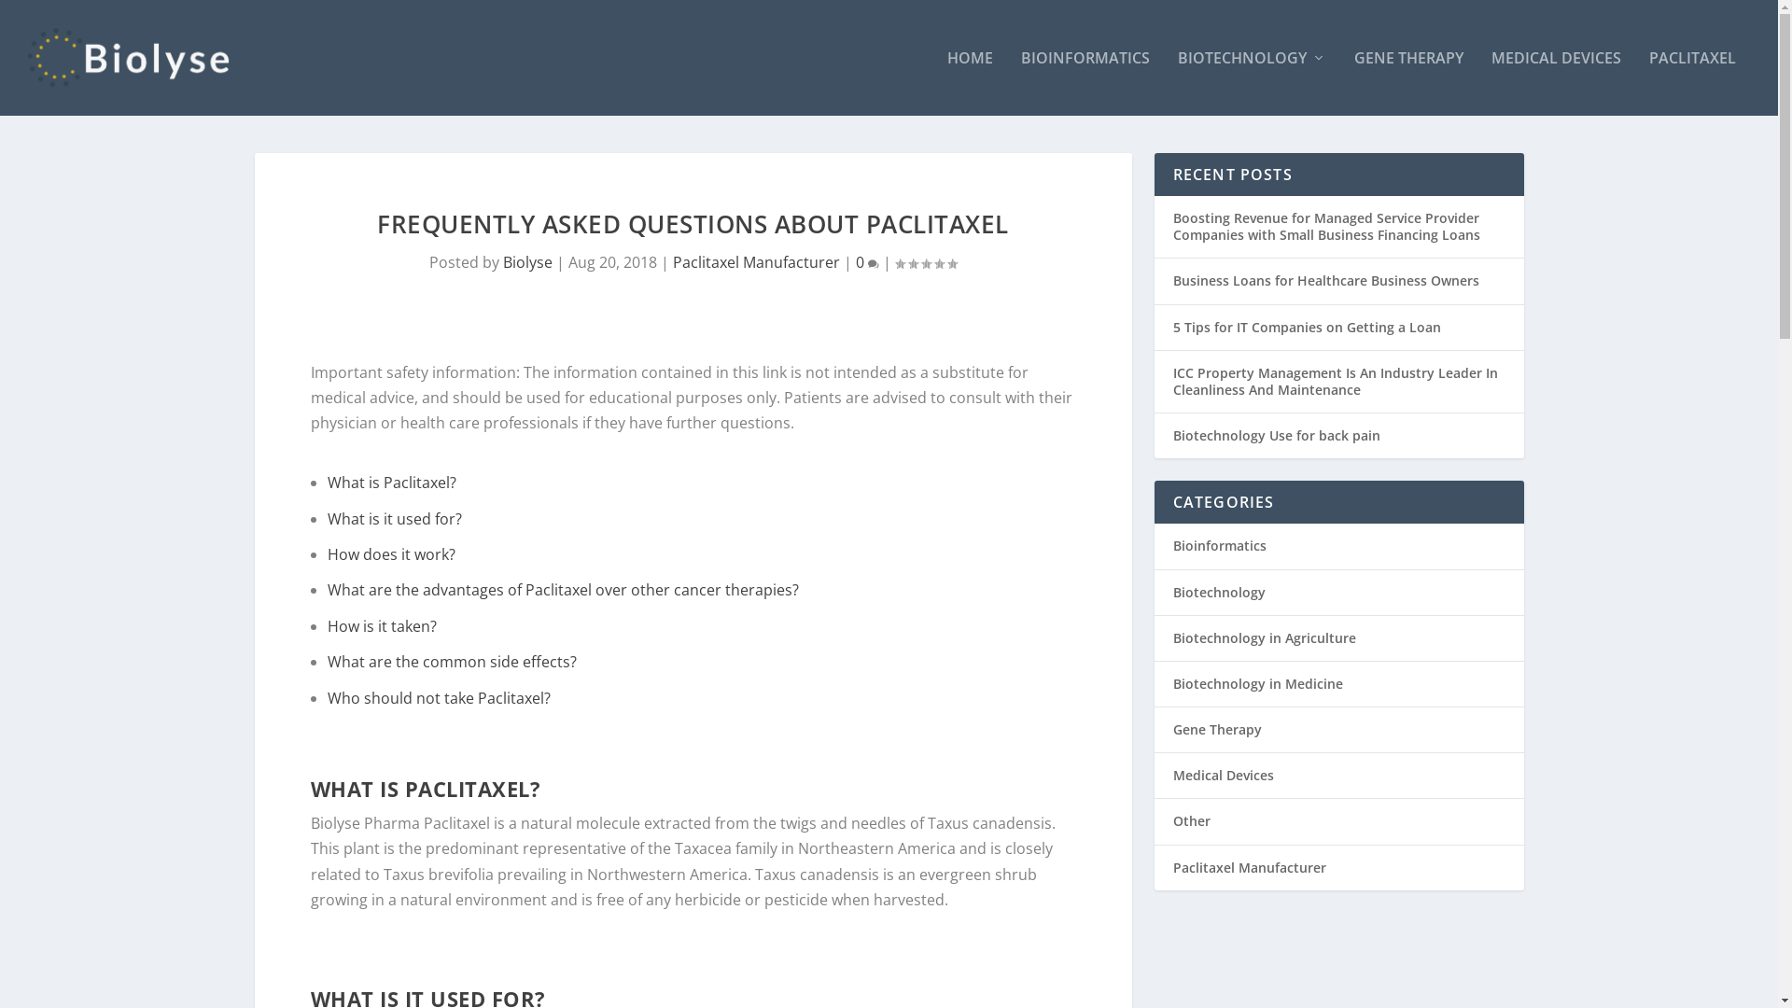  Describe the element at coordinates (894, 262) in the screenshot. I see `'Rating: 0.00'` at that location.